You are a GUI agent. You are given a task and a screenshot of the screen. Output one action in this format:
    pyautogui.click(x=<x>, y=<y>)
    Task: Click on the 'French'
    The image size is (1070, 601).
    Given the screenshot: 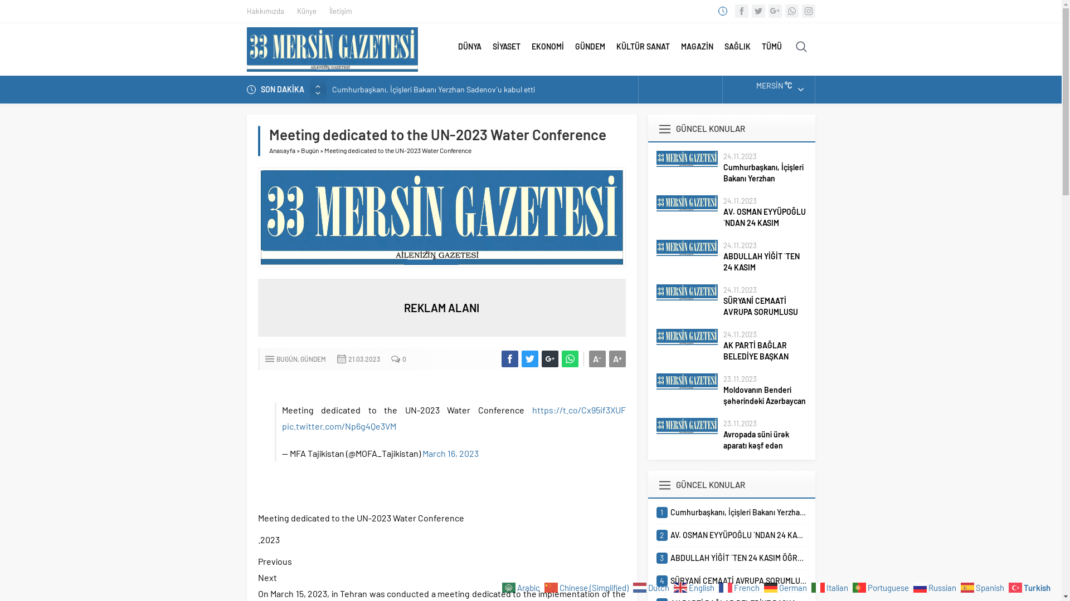 What is the action you would take?
    pyautogui.click(x=741, y=586)
    